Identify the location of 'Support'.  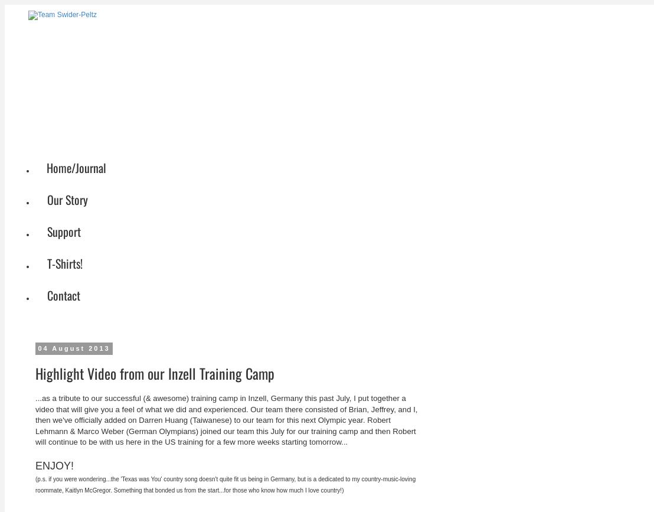
(64, 231).